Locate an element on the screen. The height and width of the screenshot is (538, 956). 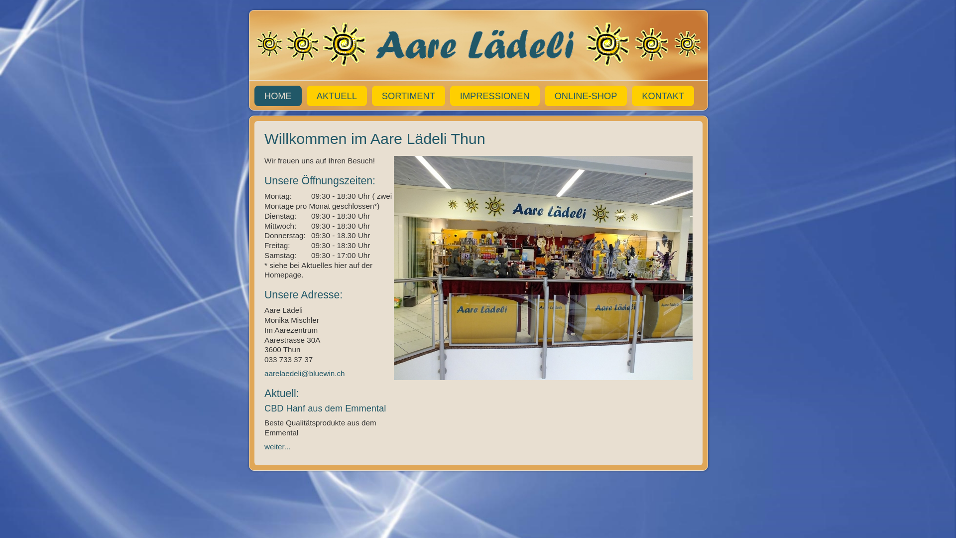
'aarelaedeli@bluewin.ch ' is located at coordinates (305, 373).